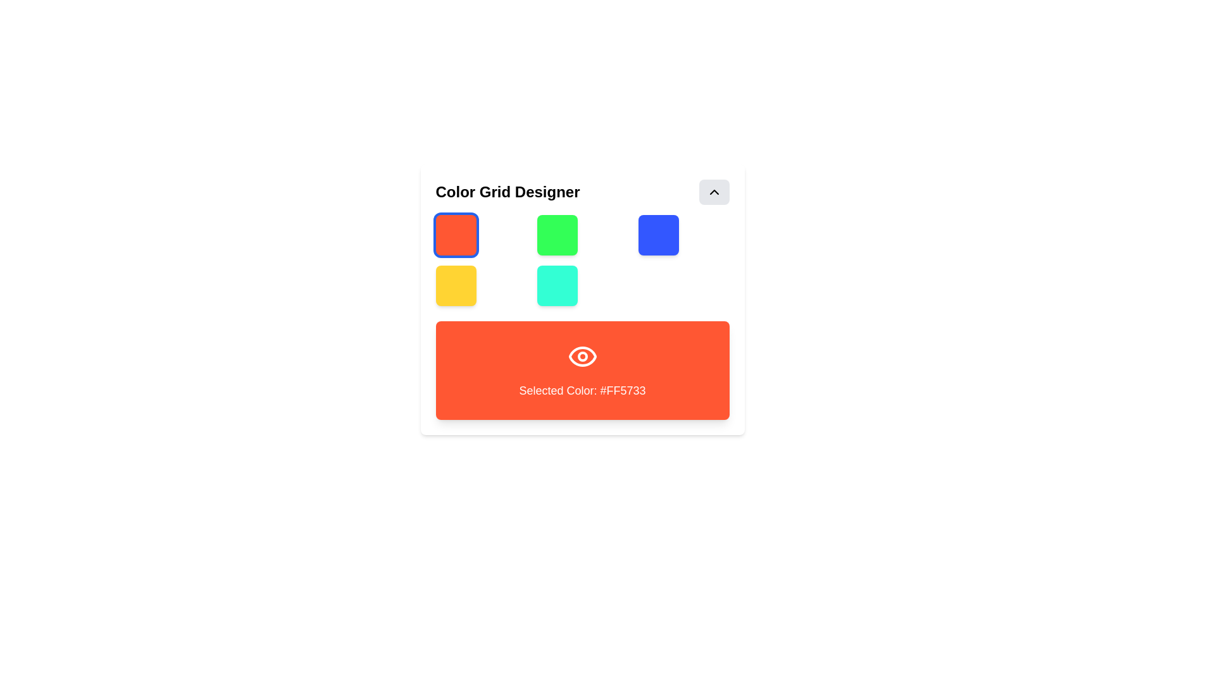  I want to click on the vibrant red square-shaped selectable color icon with rounded corners, located, so click(456, 235).